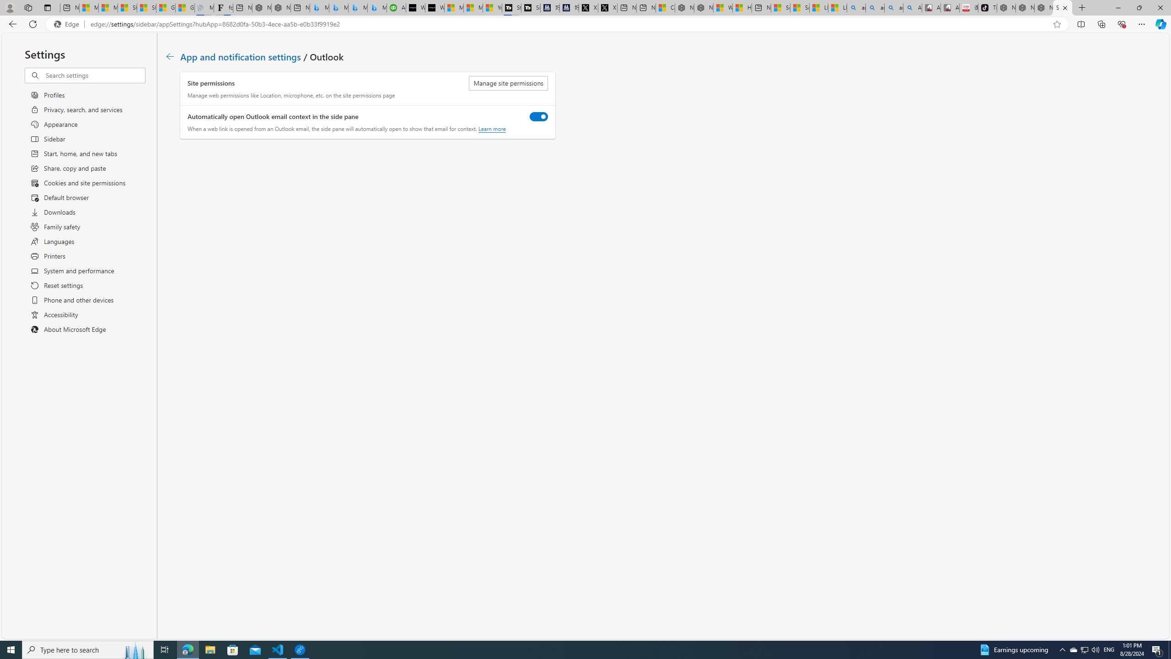  I want to click on 'App and notification settings', so click(240, 56).